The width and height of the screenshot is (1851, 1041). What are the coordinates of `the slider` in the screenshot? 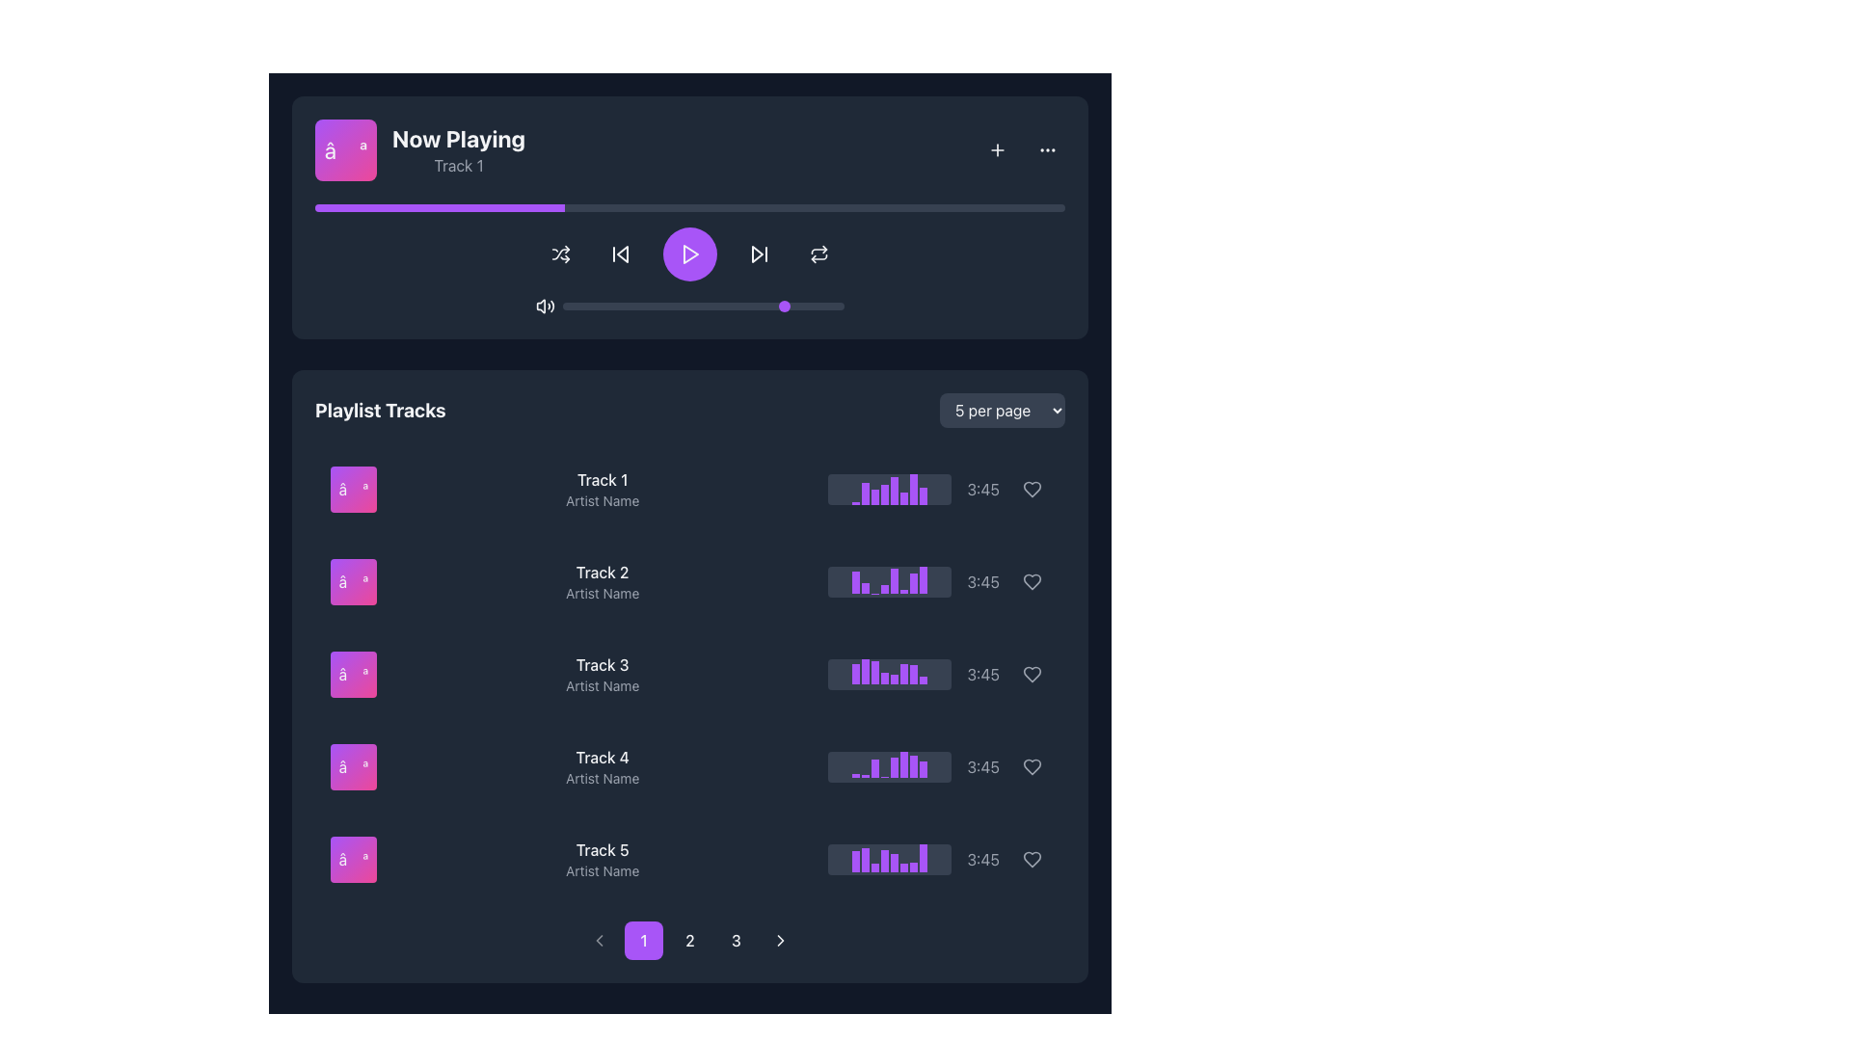 It's located at (700, 305).